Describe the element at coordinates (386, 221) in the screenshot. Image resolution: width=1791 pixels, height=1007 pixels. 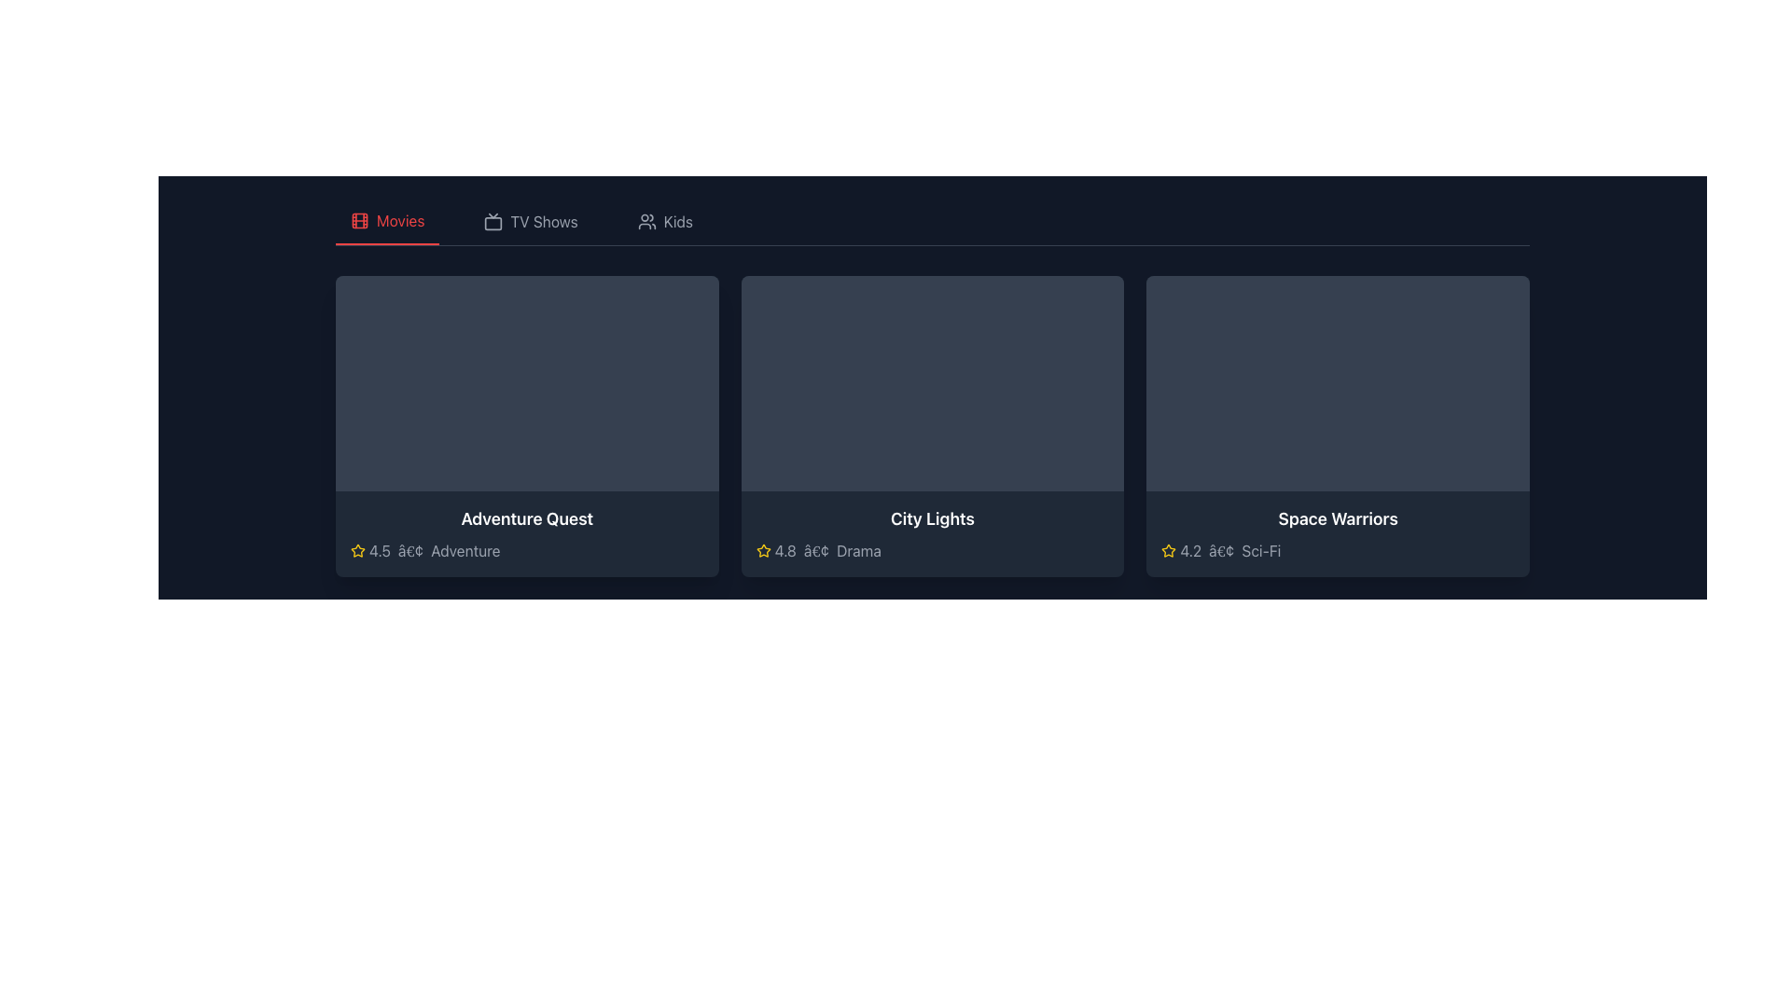
I see `the 'Movies' navigation button with a red text color and film reel icon` at that location.